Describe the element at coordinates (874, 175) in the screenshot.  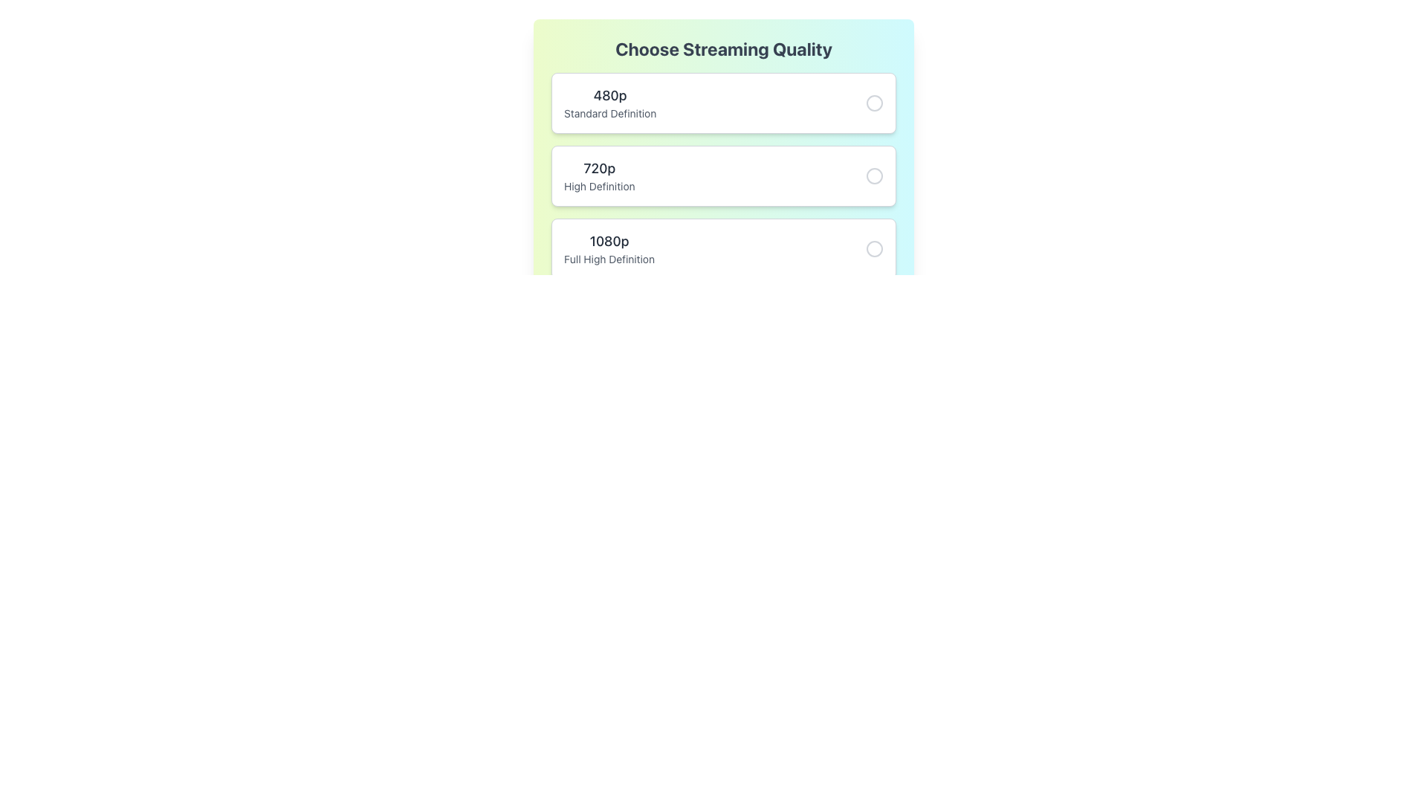
I see `the radio button` at that location.